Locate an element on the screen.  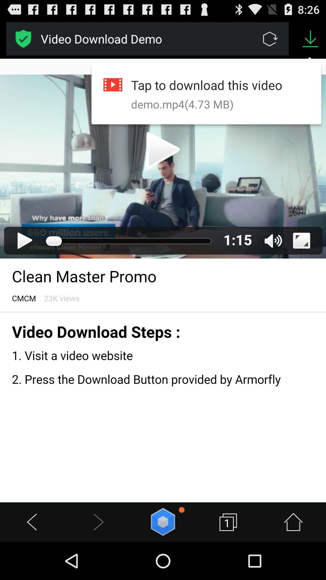
six-sided polygon is located at coordinates (163, 522).